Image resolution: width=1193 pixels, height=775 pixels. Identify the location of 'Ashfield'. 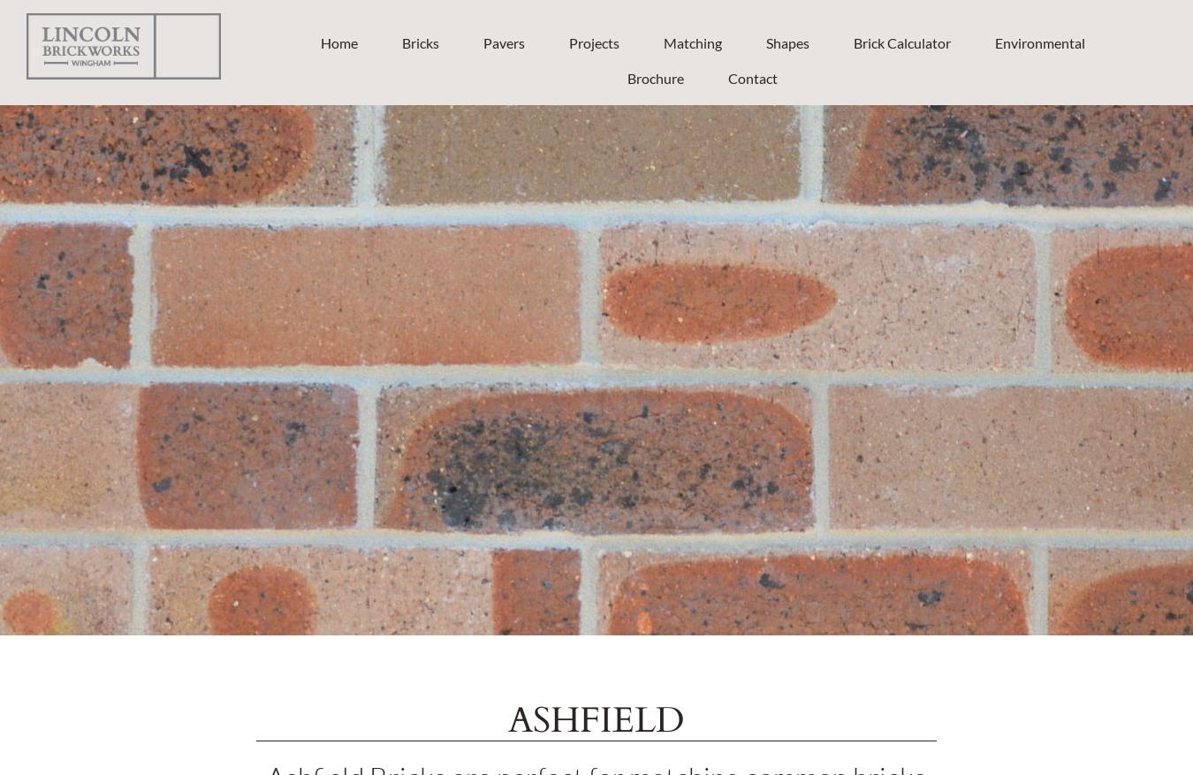
(596, 719).